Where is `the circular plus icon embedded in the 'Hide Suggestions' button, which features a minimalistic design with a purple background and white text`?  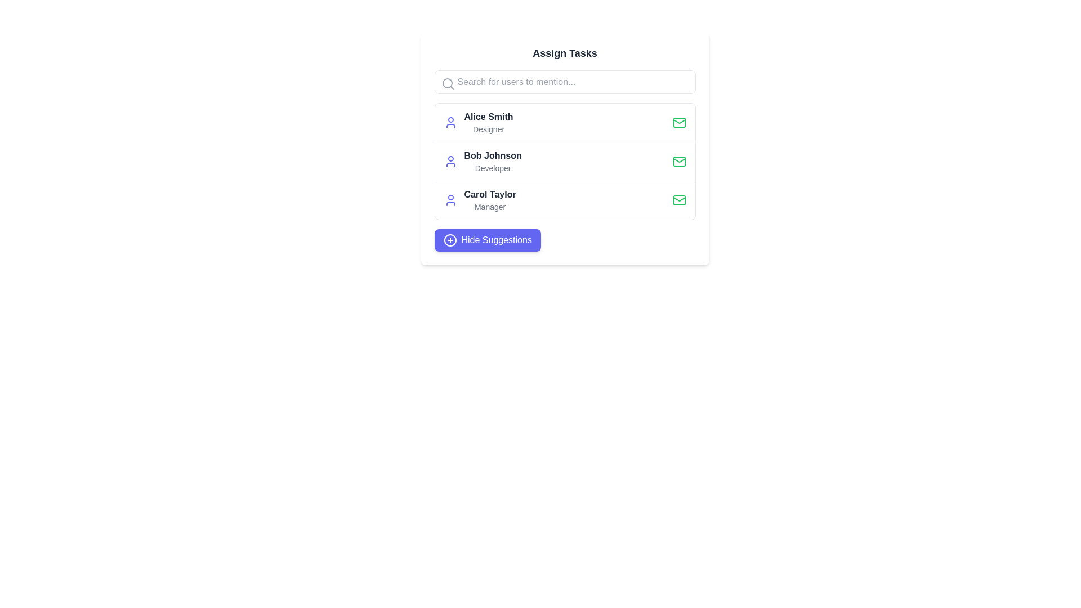
the circular plus icon embedded in the 'Hide Suggestions' button, which features a minimalistic design with a purple background and white text is located at coordinates (449, 240).